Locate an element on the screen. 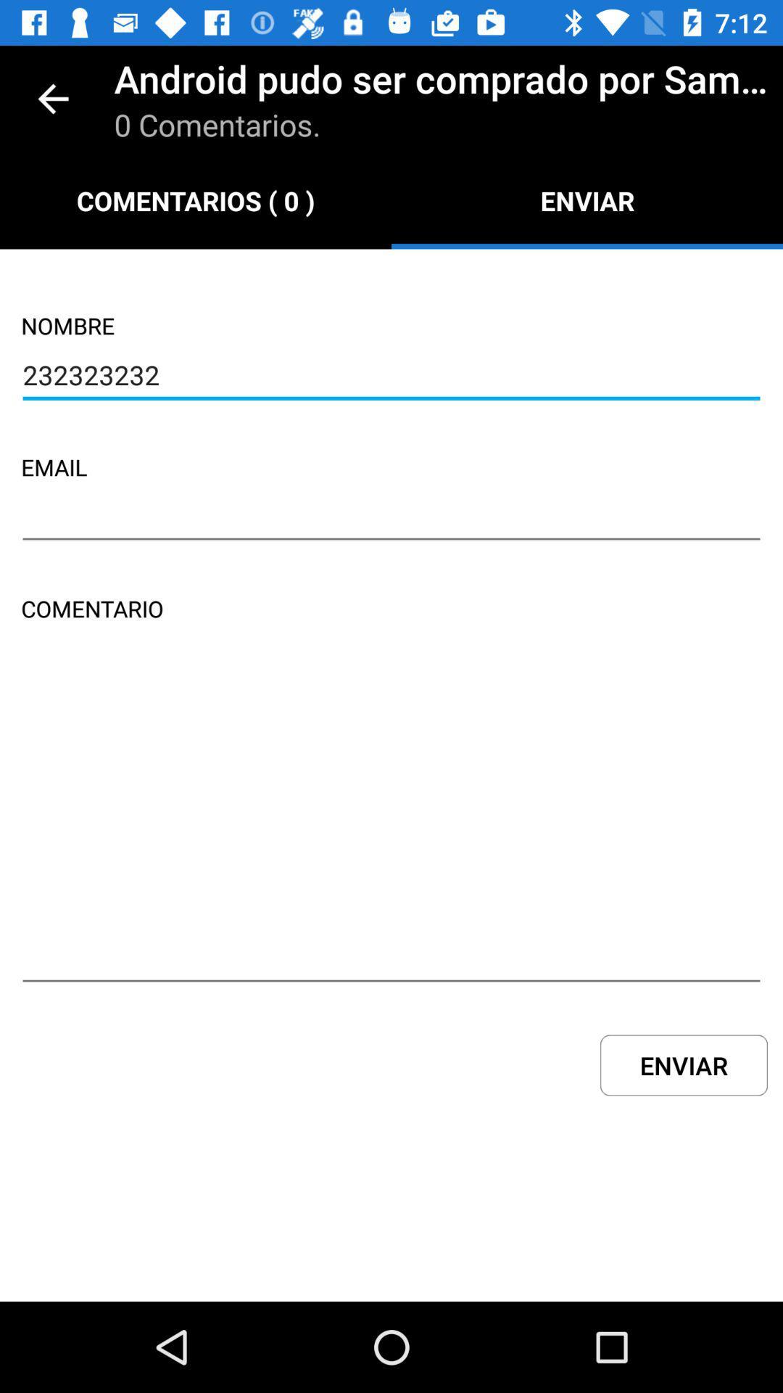 This screenshot has width=783, height=1393. item below email is located at coordinates (391, 519).